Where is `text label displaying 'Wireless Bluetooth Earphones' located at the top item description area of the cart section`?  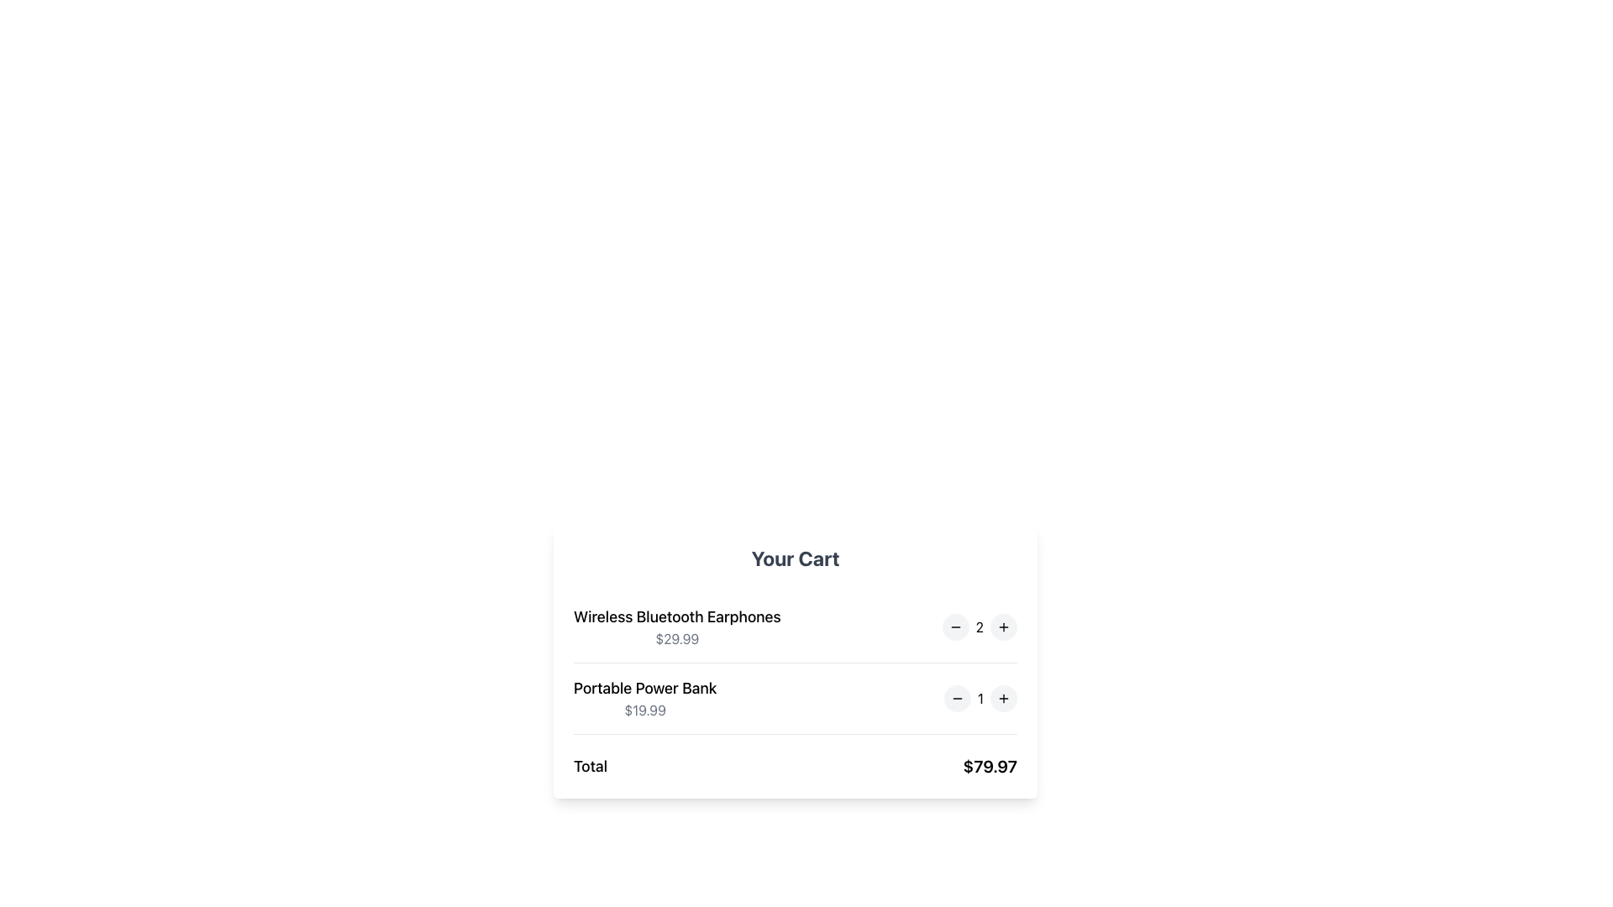
text label displaying 'Wireless Bluetooth Earphones' located at the top item description area of the cart section is located at coordinates (677, 617).